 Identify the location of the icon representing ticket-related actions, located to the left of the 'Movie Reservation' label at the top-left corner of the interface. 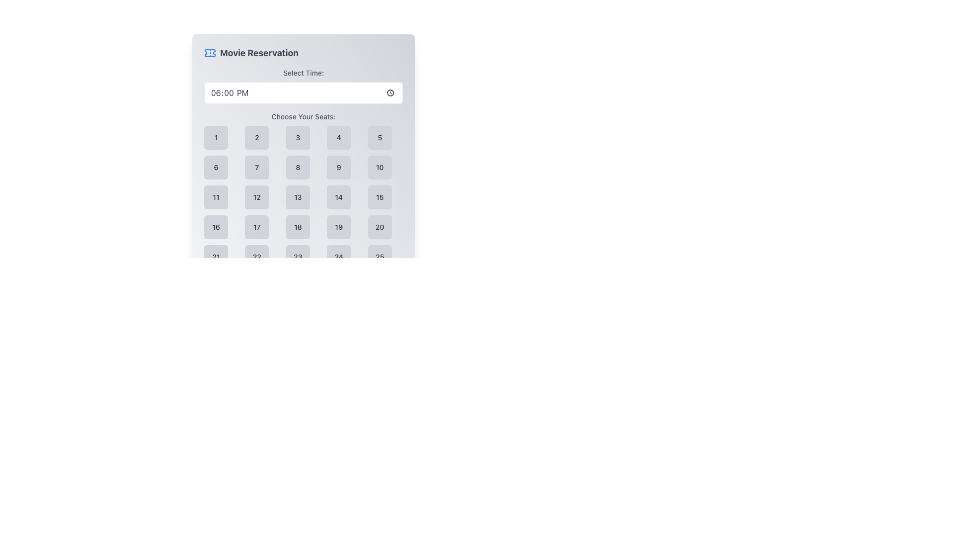
(209, 53).